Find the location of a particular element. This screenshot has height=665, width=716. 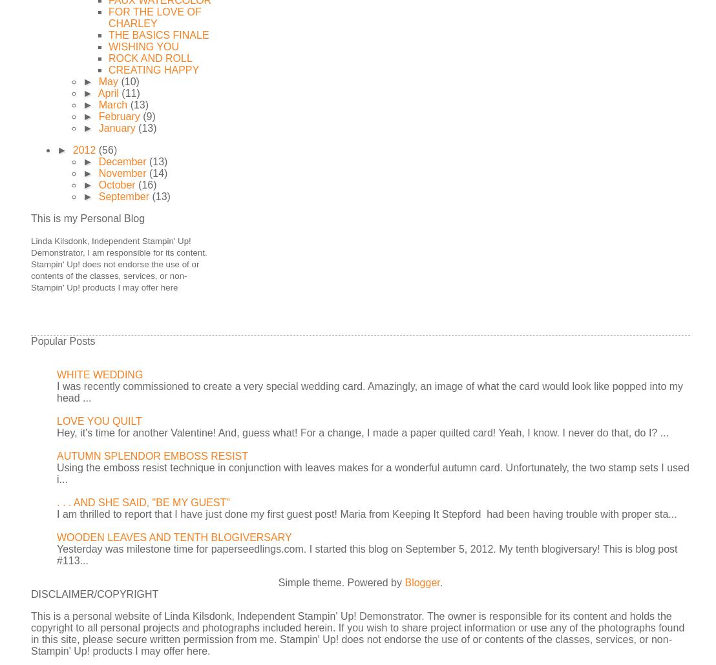

'ROCK AND ROLL' is located at coordinates (107, 57).